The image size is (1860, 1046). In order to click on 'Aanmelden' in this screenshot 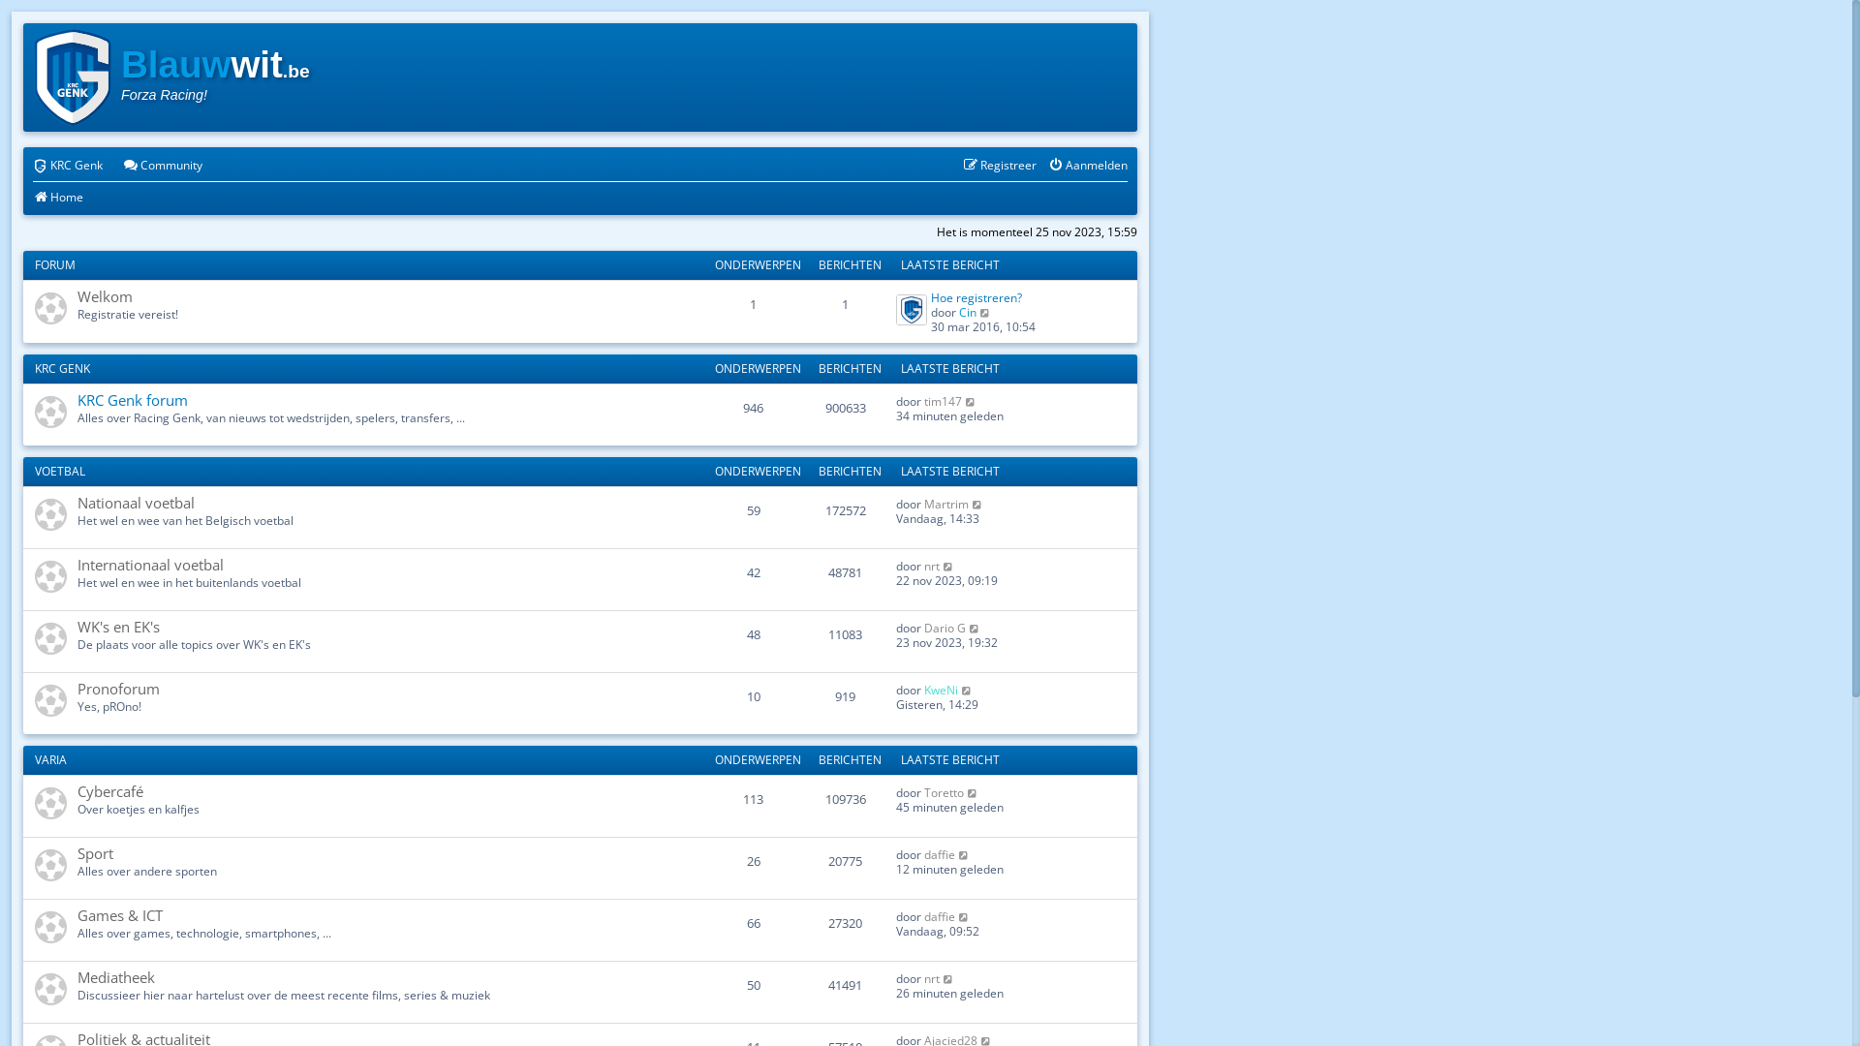, I will do `click(1088, 165)`.